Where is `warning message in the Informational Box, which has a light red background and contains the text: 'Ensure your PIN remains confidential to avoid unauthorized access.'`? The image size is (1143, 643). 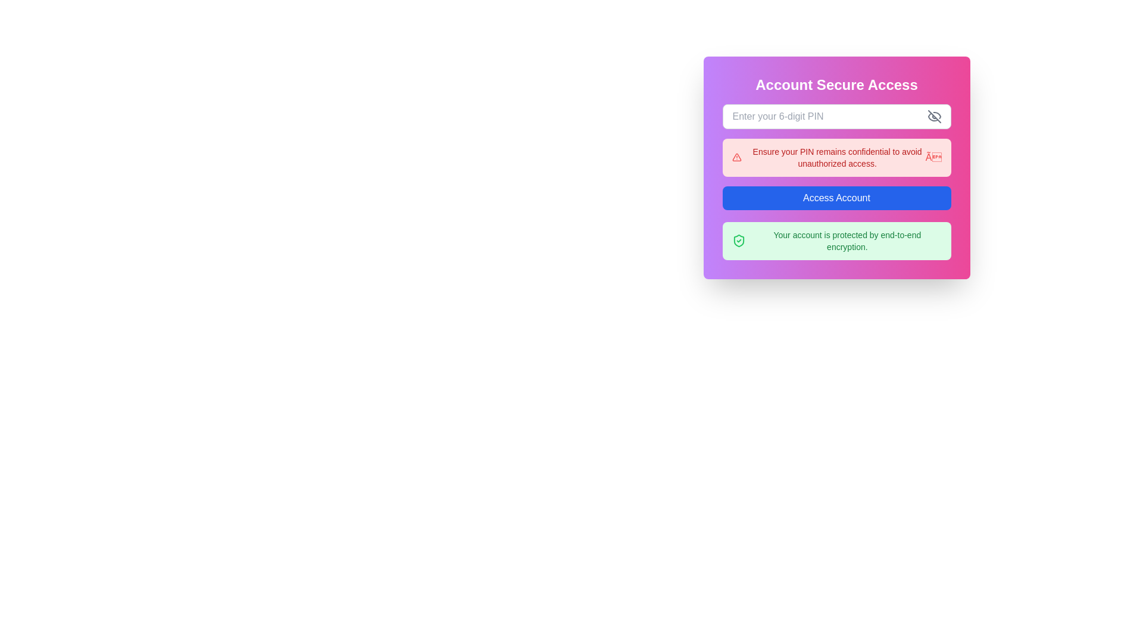 warning message in the Informational Box, which has a light red background and contains the text: 'Ensure your PIN remains confidential to avoid unauthorized access.' is located at coordinates (836, 157).